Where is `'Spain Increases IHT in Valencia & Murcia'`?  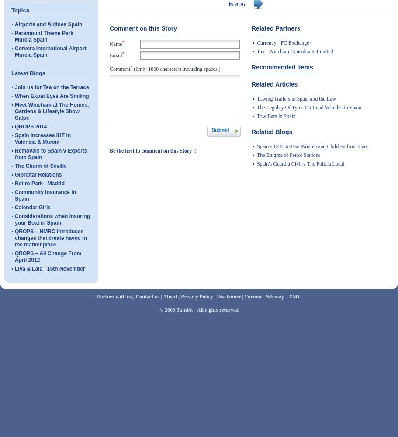 'Spain Increases IHT in Valencia & Murcia' is located at coordinates (14, 138).